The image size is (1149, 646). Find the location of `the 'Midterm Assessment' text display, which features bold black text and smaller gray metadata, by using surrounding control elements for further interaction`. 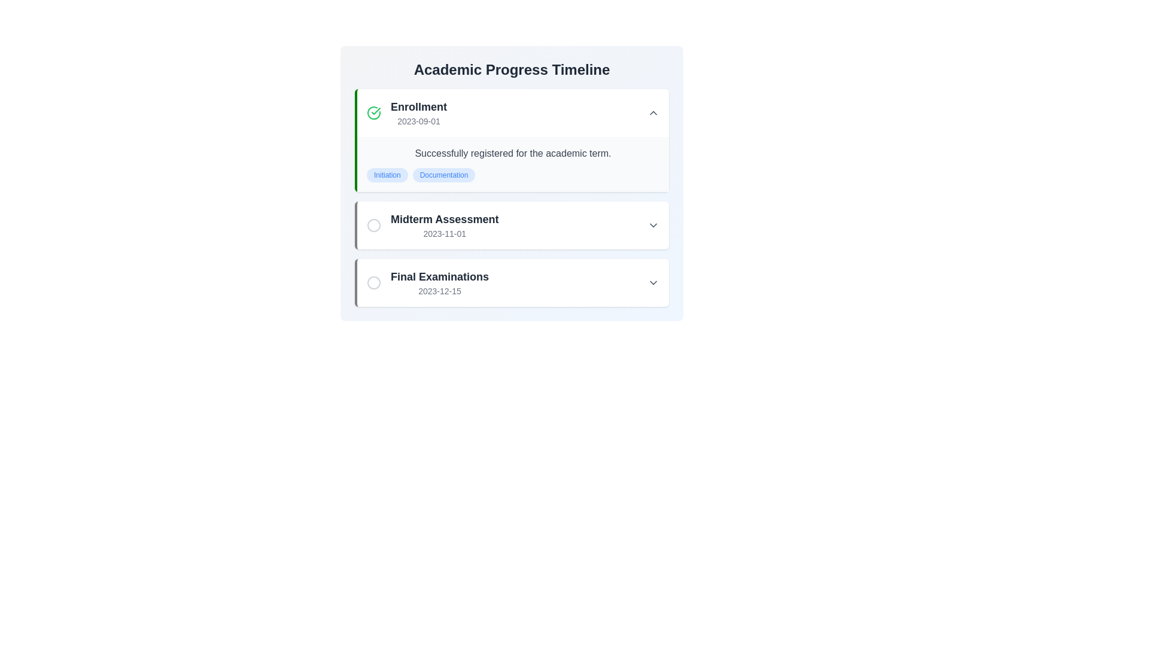

the 'Midterm Assessment' text display, which features bold black text and smaller gray metadata, by using surrounding control elements for further interaction is located at coordinates (444, 226).